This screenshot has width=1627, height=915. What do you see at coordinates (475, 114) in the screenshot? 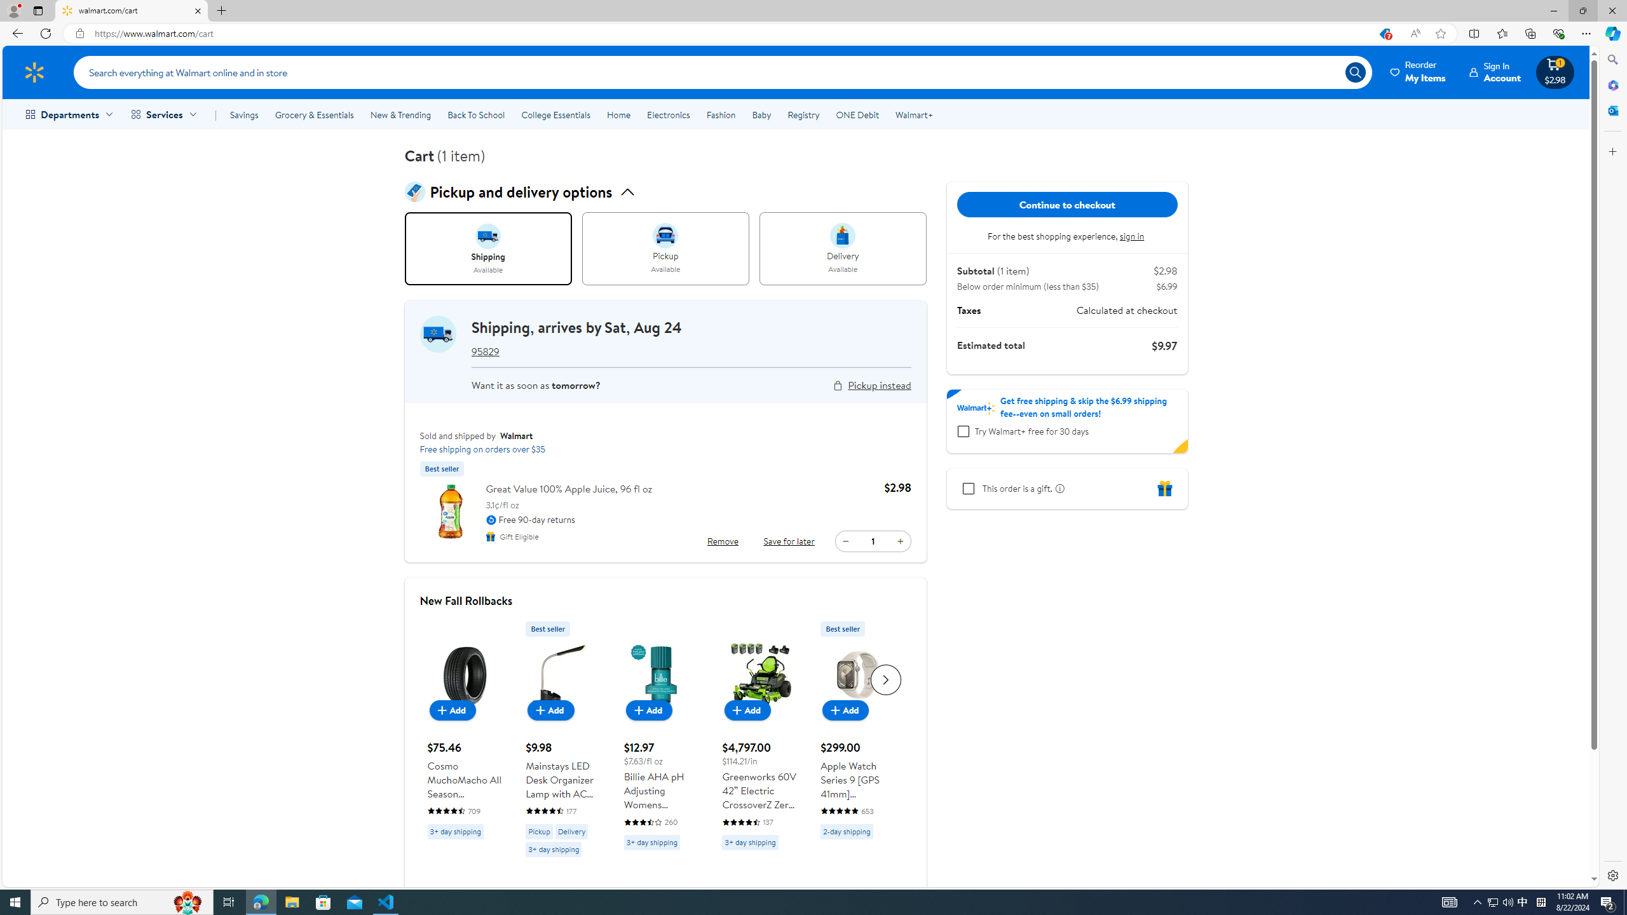
I see `'Back To School'` at bounding box center [475, 114].